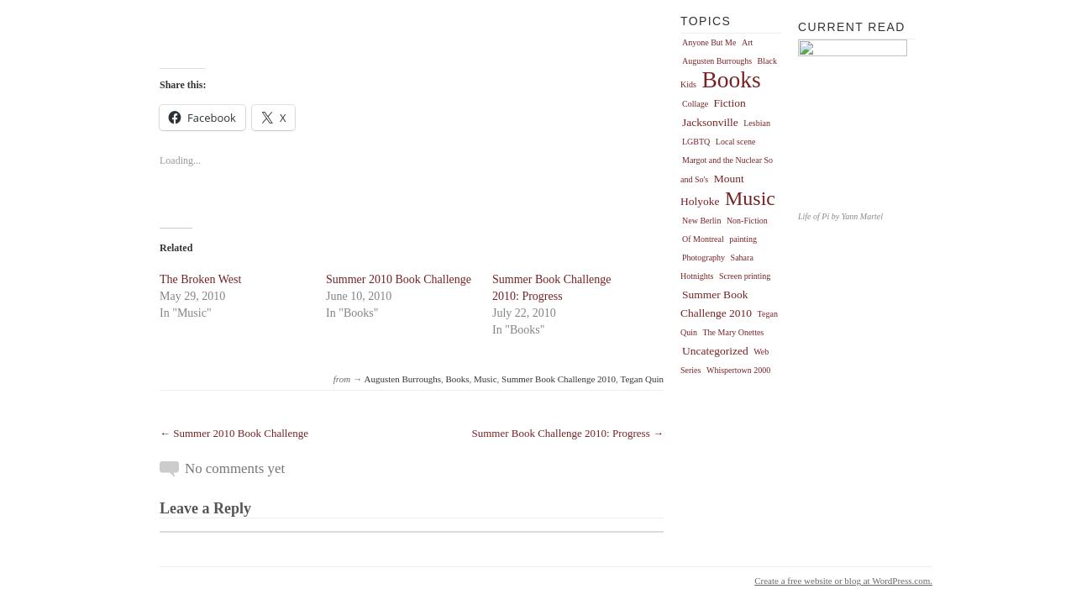 The width and height of the screenshot is (1092, 589). I want to click on 'Screen printing', so click(743, 275).